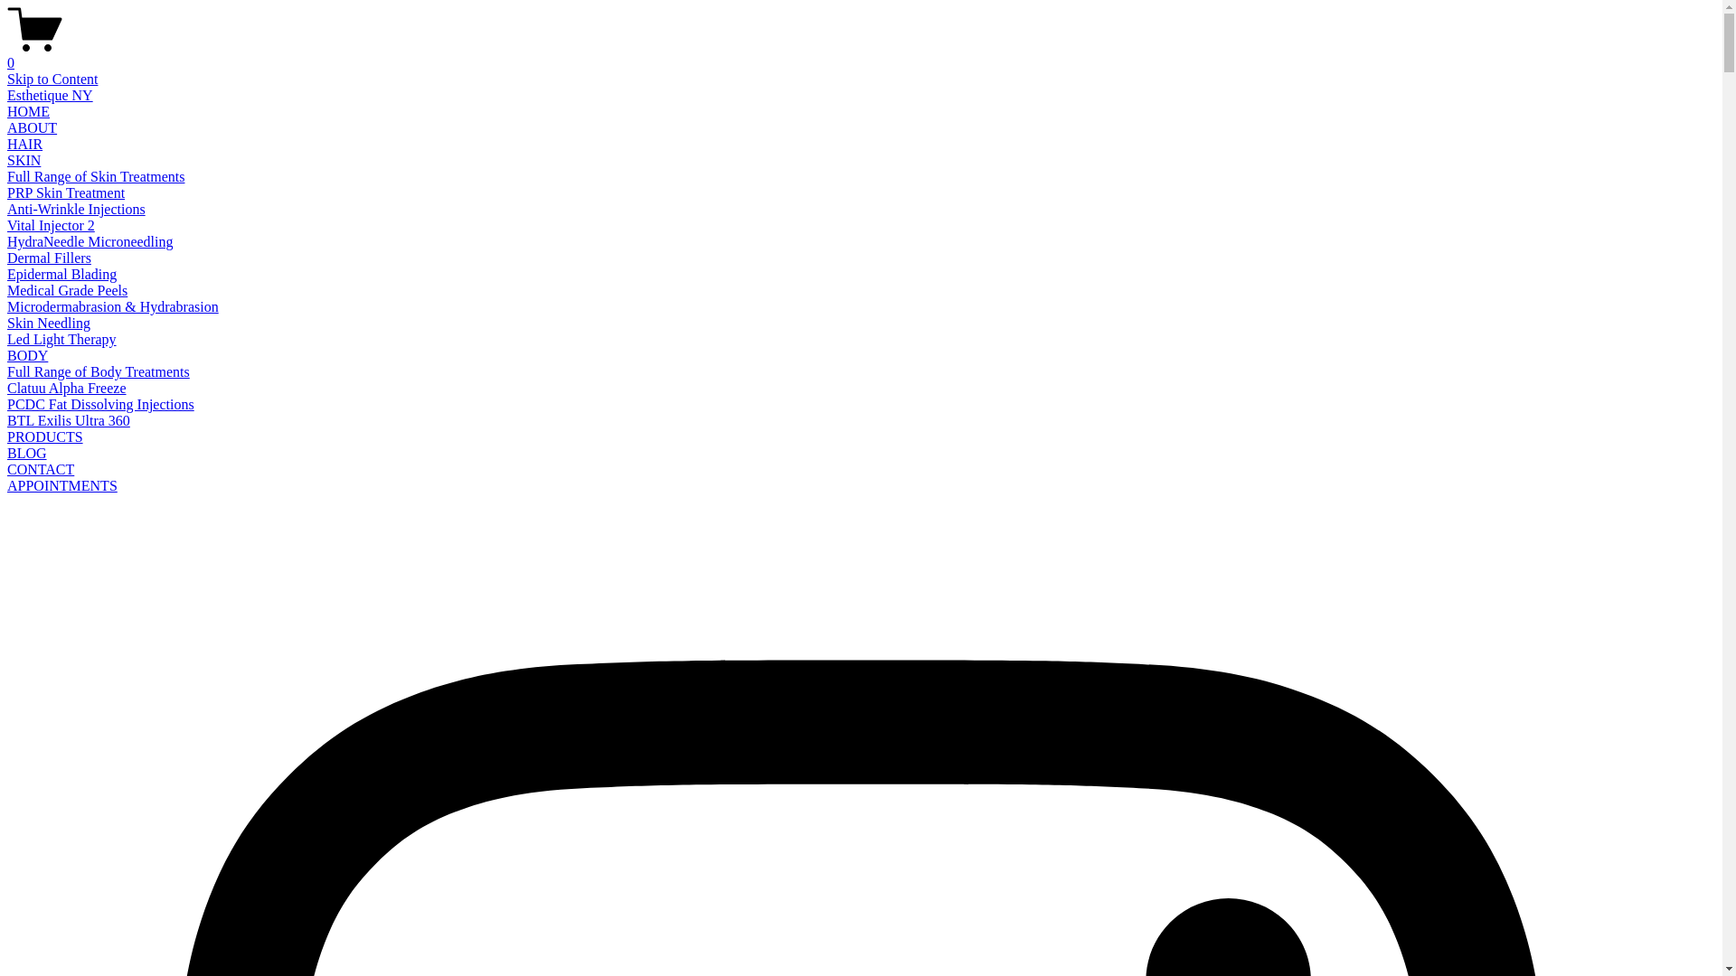 Image resolution: width=1736 pixels, height=976 pixels. Describe the element at coordinates (7, 468) in the screenshot. I see `'CONTACT'` at that location.